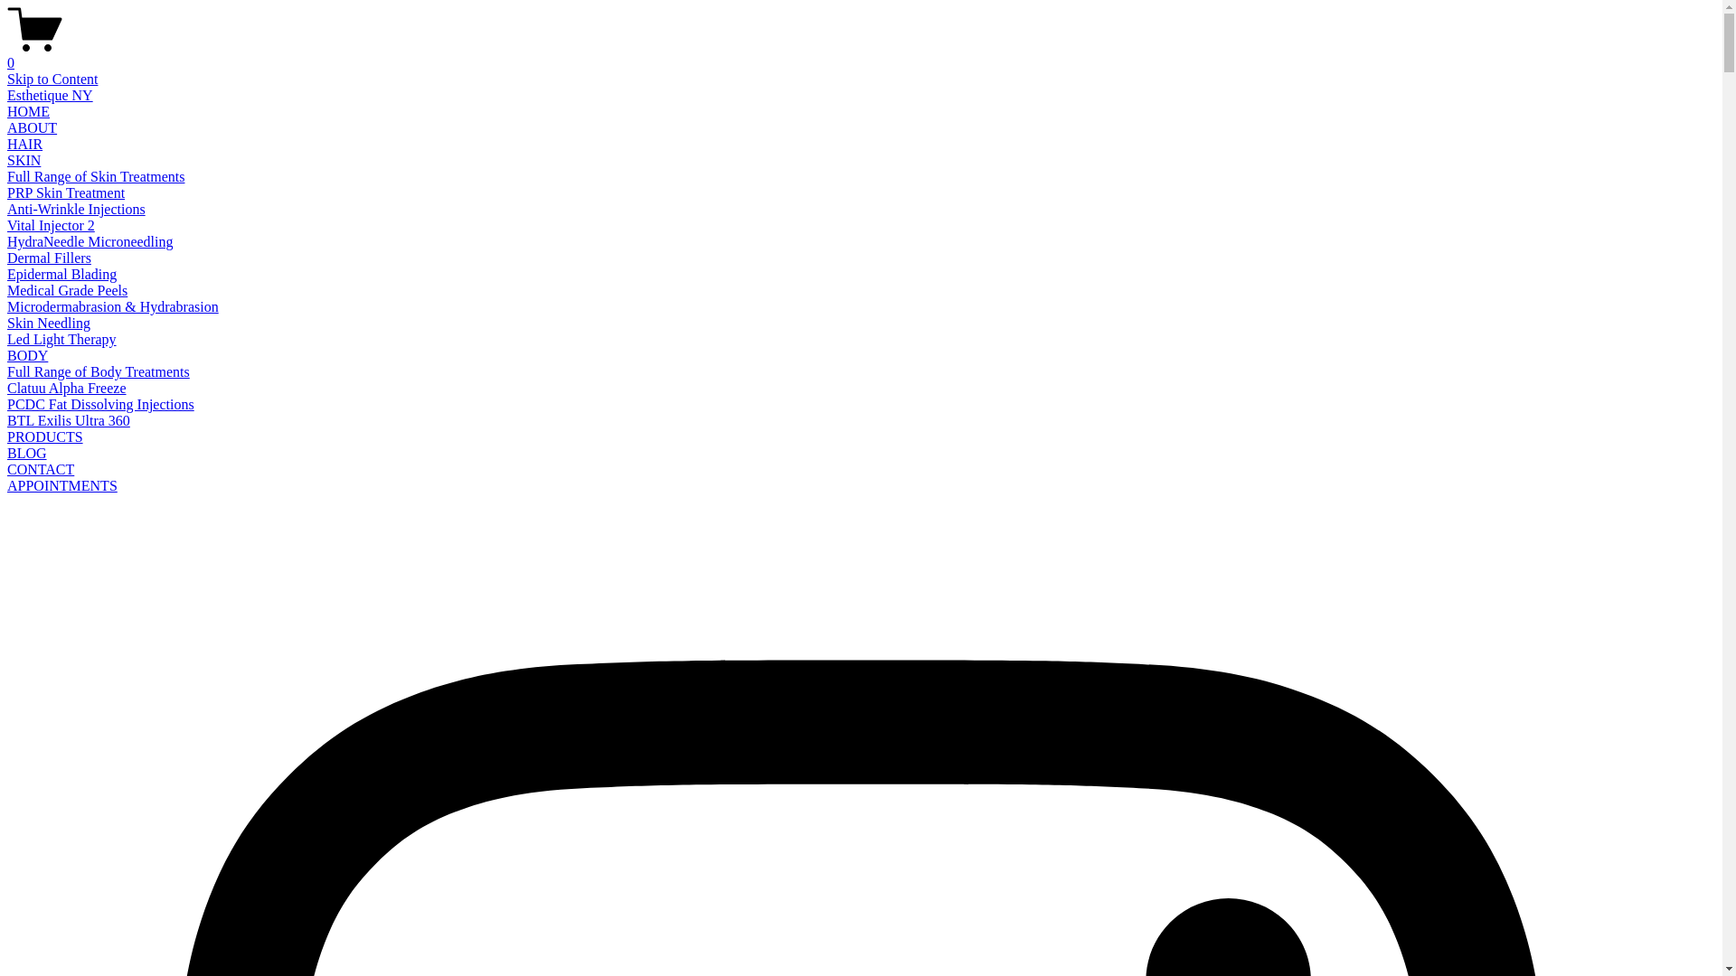 Image resolution: width=1736 pixels, height=976 pixels. Describe the element at coordinates (7, 468) in the screenshot. I see `'CONTACT'` at that location.